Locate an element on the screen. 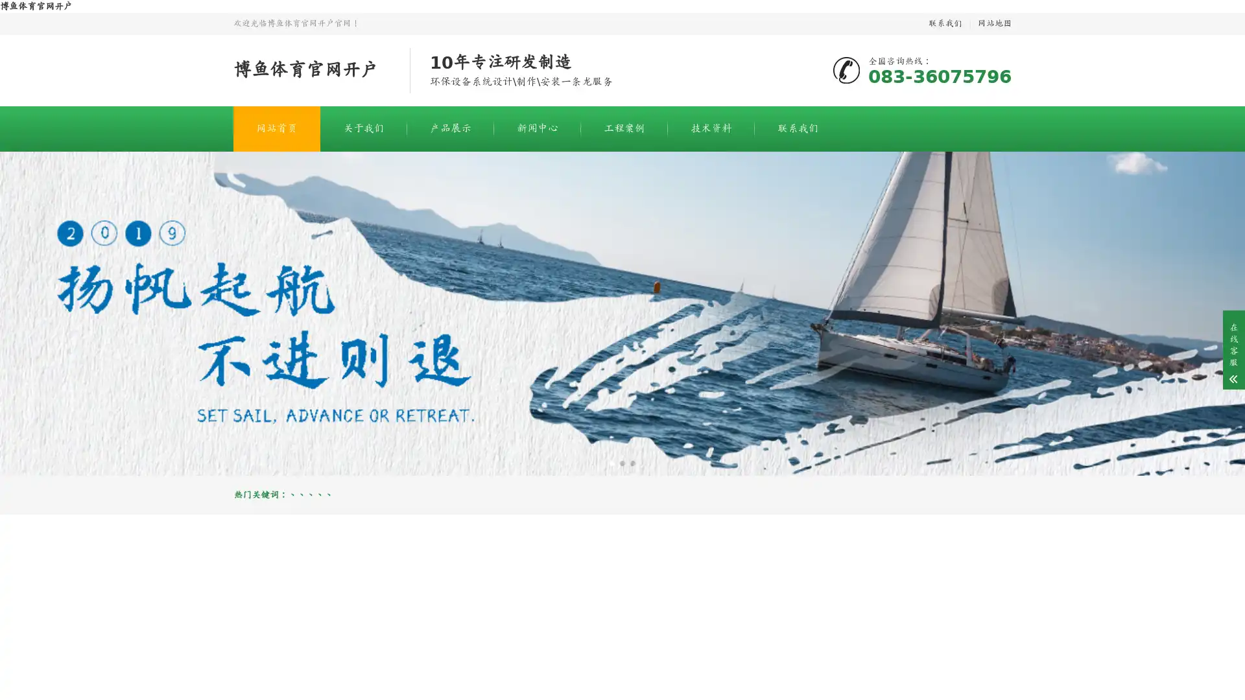 The height and width of the screenshot is (700, 1245). Go to slide 2 is located at coordinates (622, 462).